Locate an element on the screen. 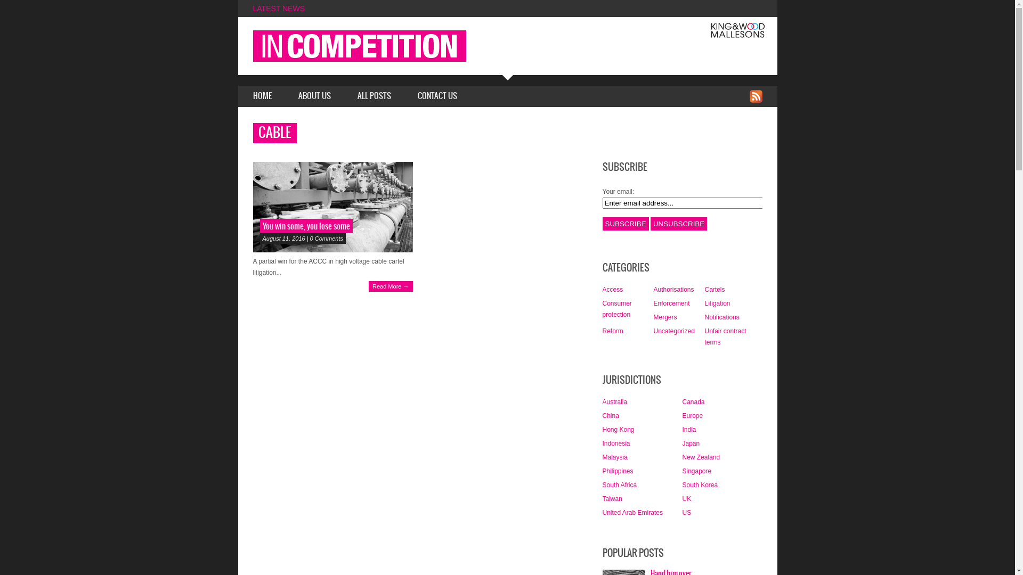 This screenshot has height=575, width=1023. 'Unsubscribe' is located at coordinates (678, 223).